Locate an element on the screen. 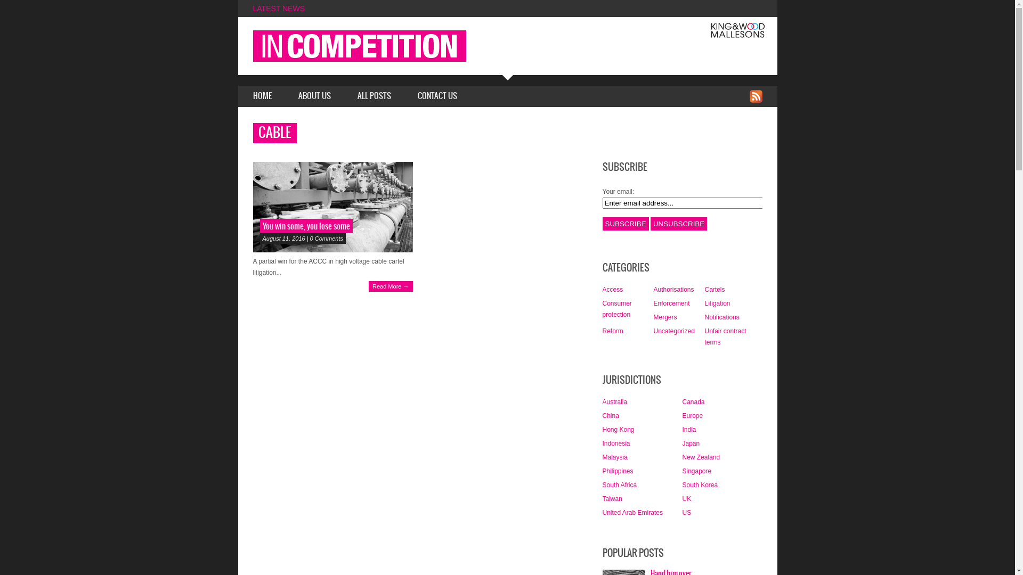 This screenshot has height=575, width=1023. 'Unsubscribe' is located at coordinates (678, 223).